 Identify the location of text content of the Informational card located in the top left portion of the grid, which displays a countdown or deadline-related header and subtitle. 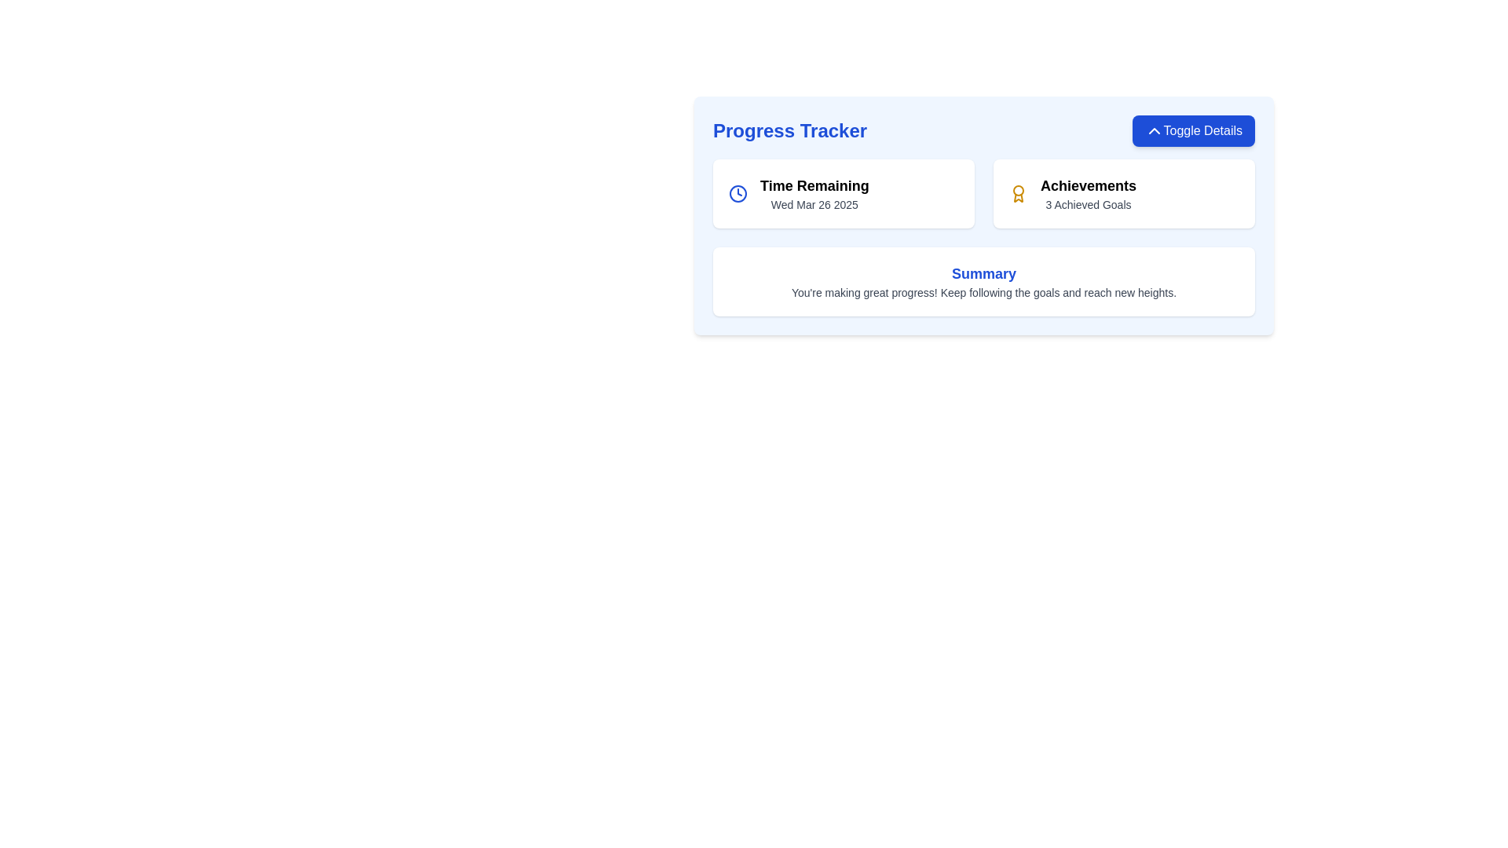
(843, 192).